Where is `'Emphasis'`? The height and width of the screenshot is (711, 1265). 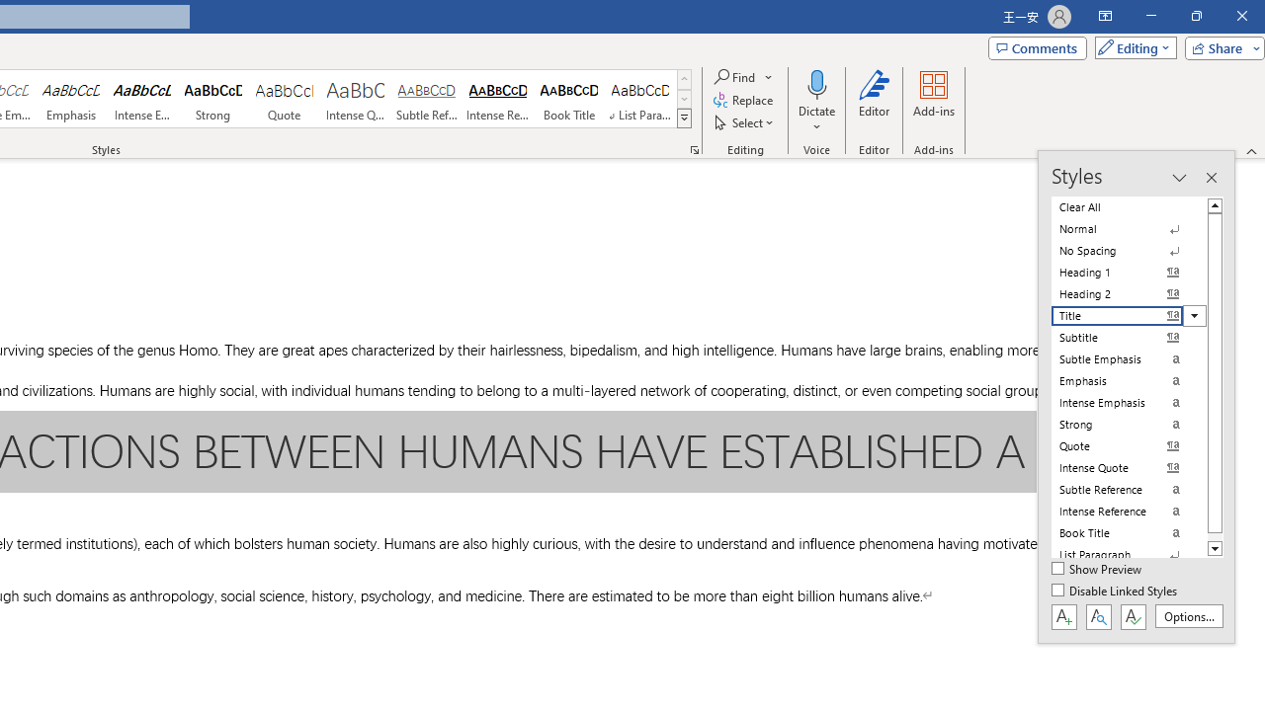 'Emphasis' is located at coordinates (70, 99).